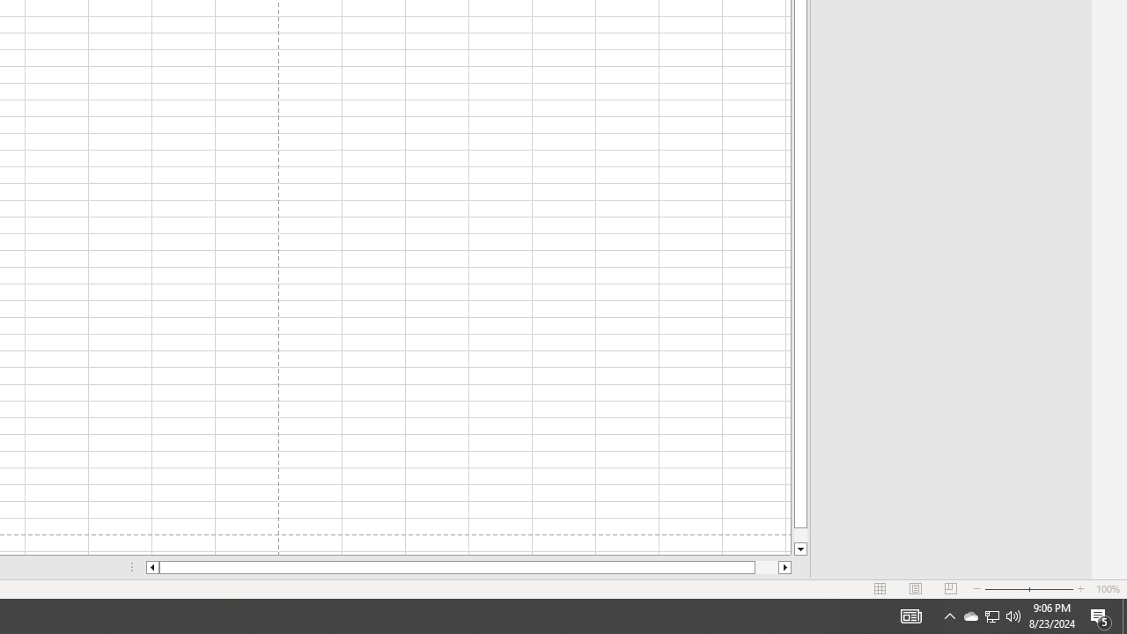 This screenshot has height=634, width=1127. I want to click on 'Zoom In', so click(1079, 589).